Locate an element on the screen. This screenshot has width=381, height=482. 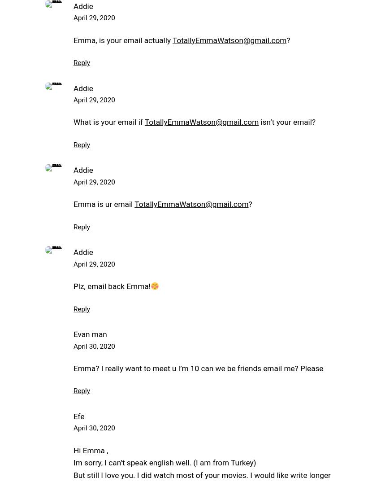
'Hi Emma ,' is located at coordinates (73, 450).